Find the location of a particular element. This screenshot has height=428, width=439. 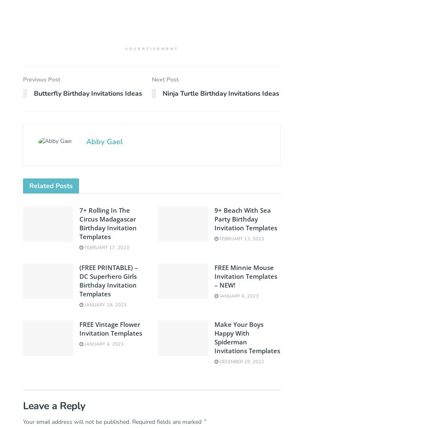

'January 6, 2023' is located at coordinates (238, 296).